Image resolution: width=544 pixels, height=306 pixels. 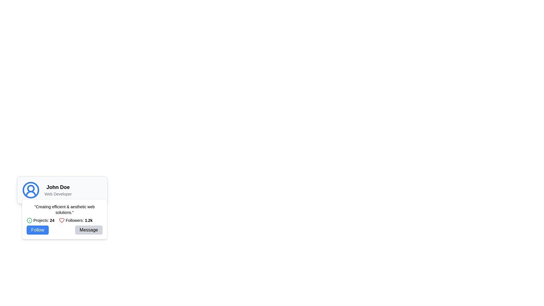 What do you see at coordinates (29, 220) in the screenshot?
I see `the information icon located to the far left of the 'Projects: 24' section for accessibility navigation` at bounding box center [29, 220].